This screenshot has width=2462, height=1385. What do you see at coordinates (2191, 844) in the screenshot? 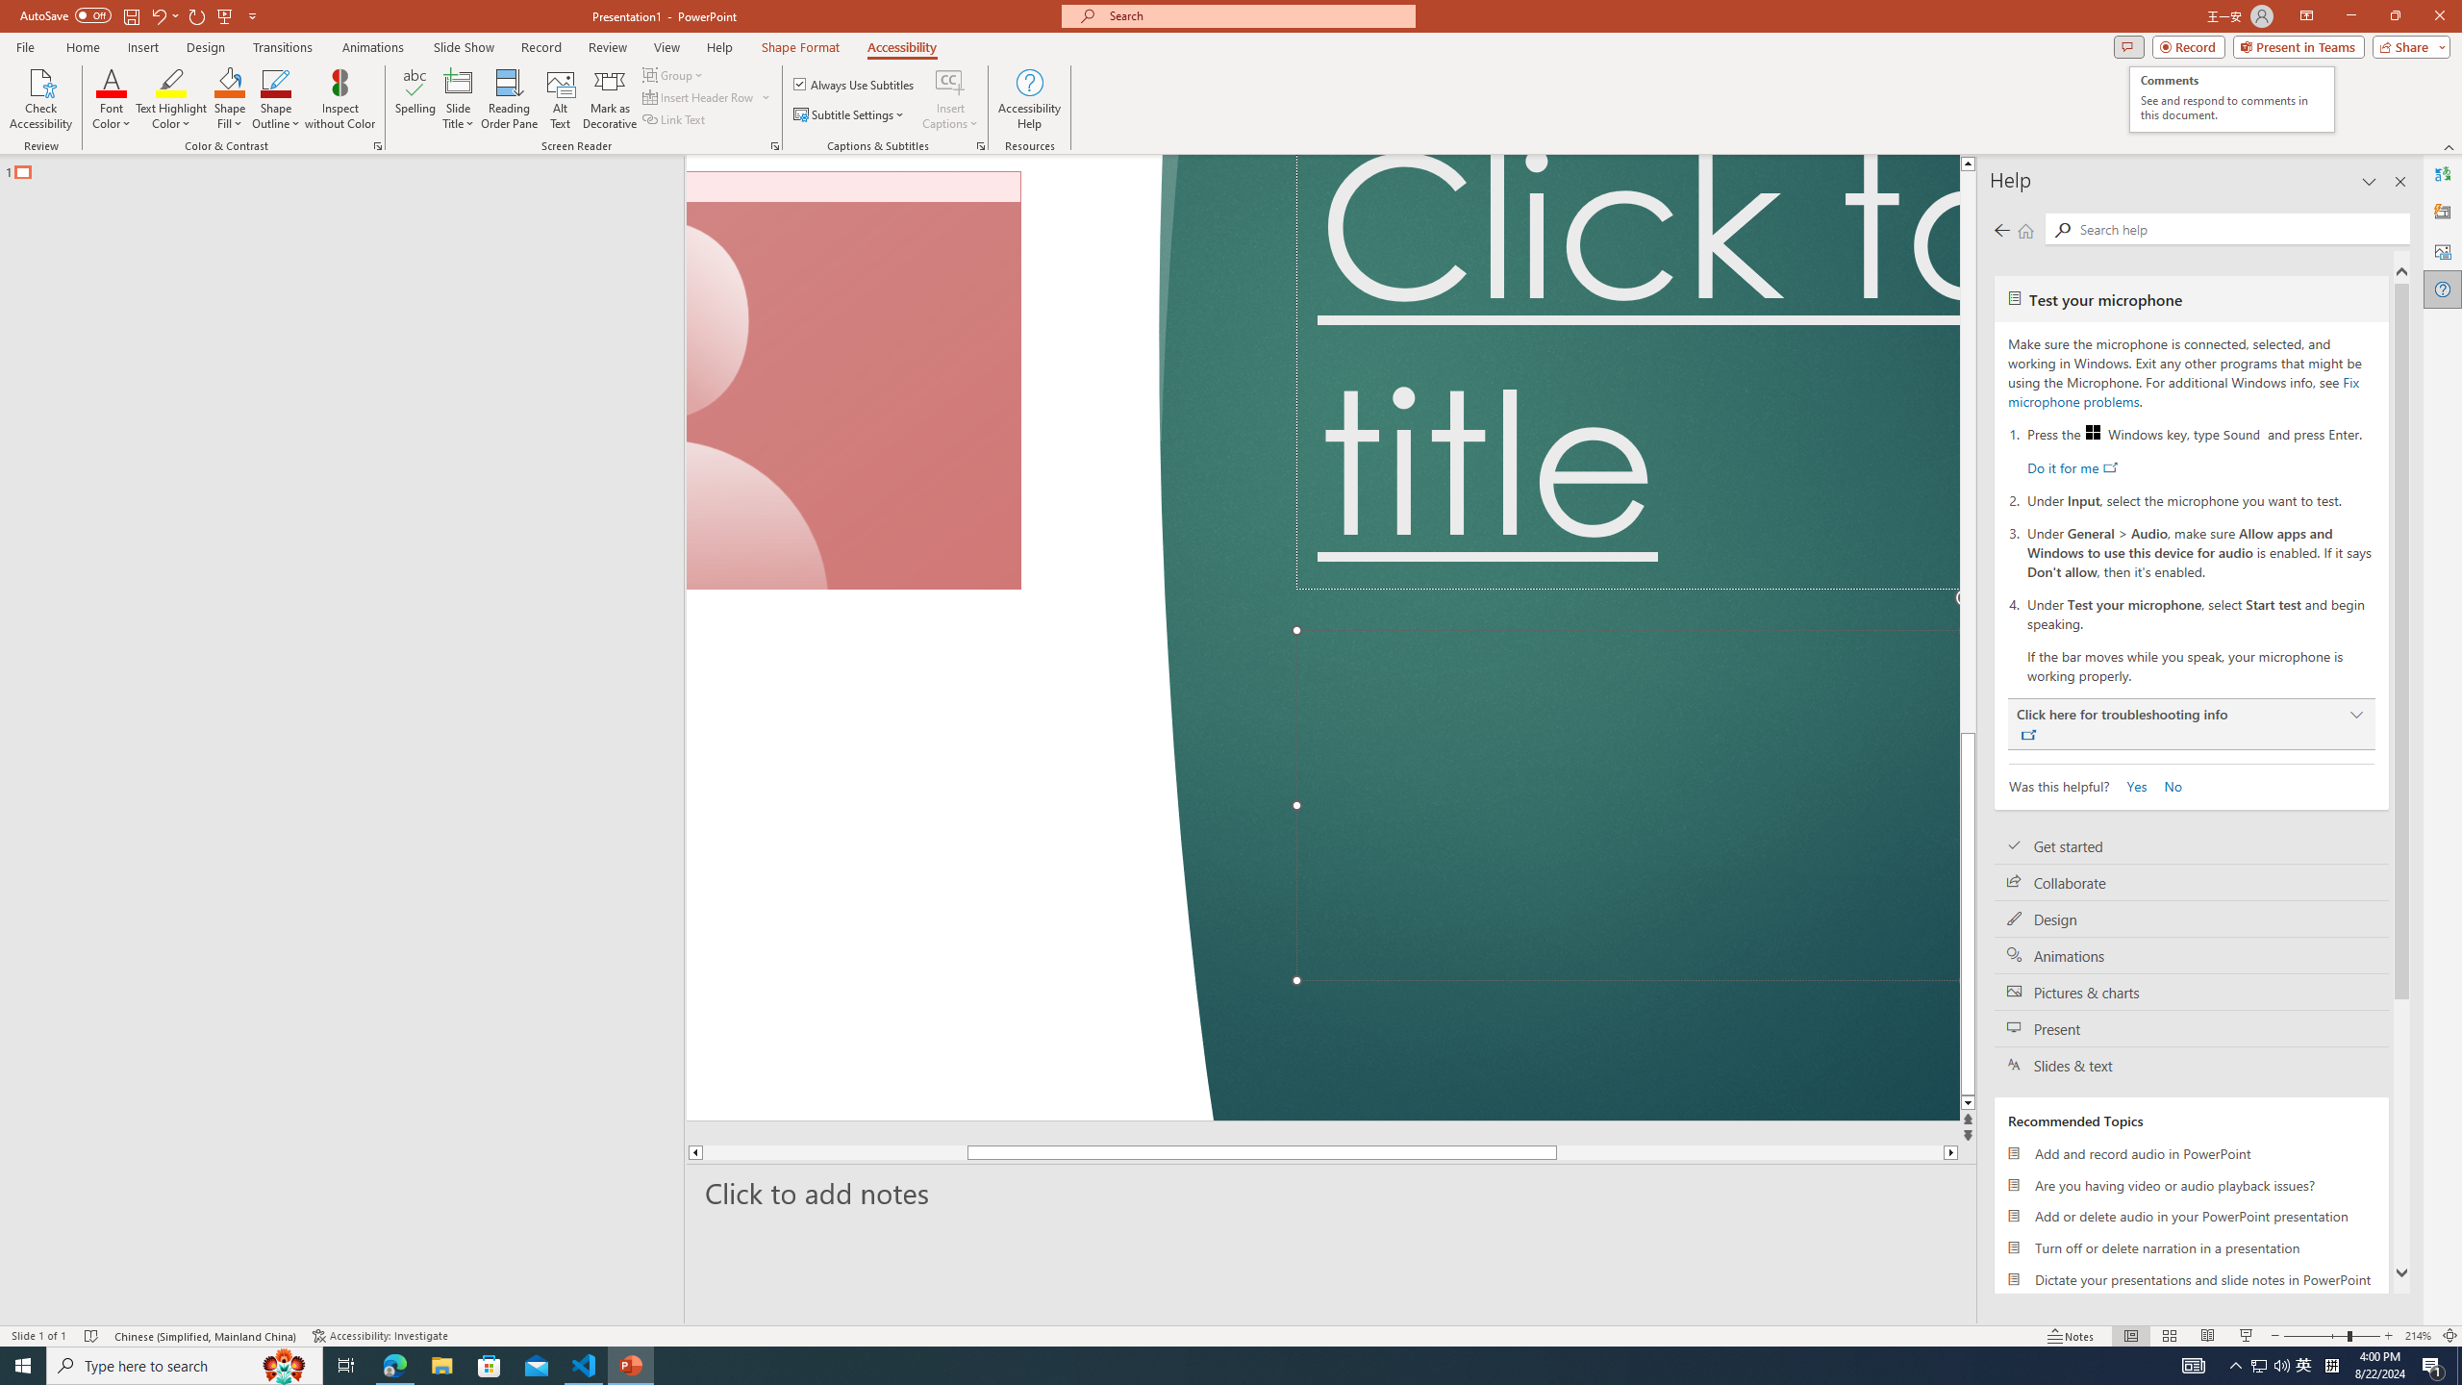
I see `'Get started'` at bounding box center [2191, 844].